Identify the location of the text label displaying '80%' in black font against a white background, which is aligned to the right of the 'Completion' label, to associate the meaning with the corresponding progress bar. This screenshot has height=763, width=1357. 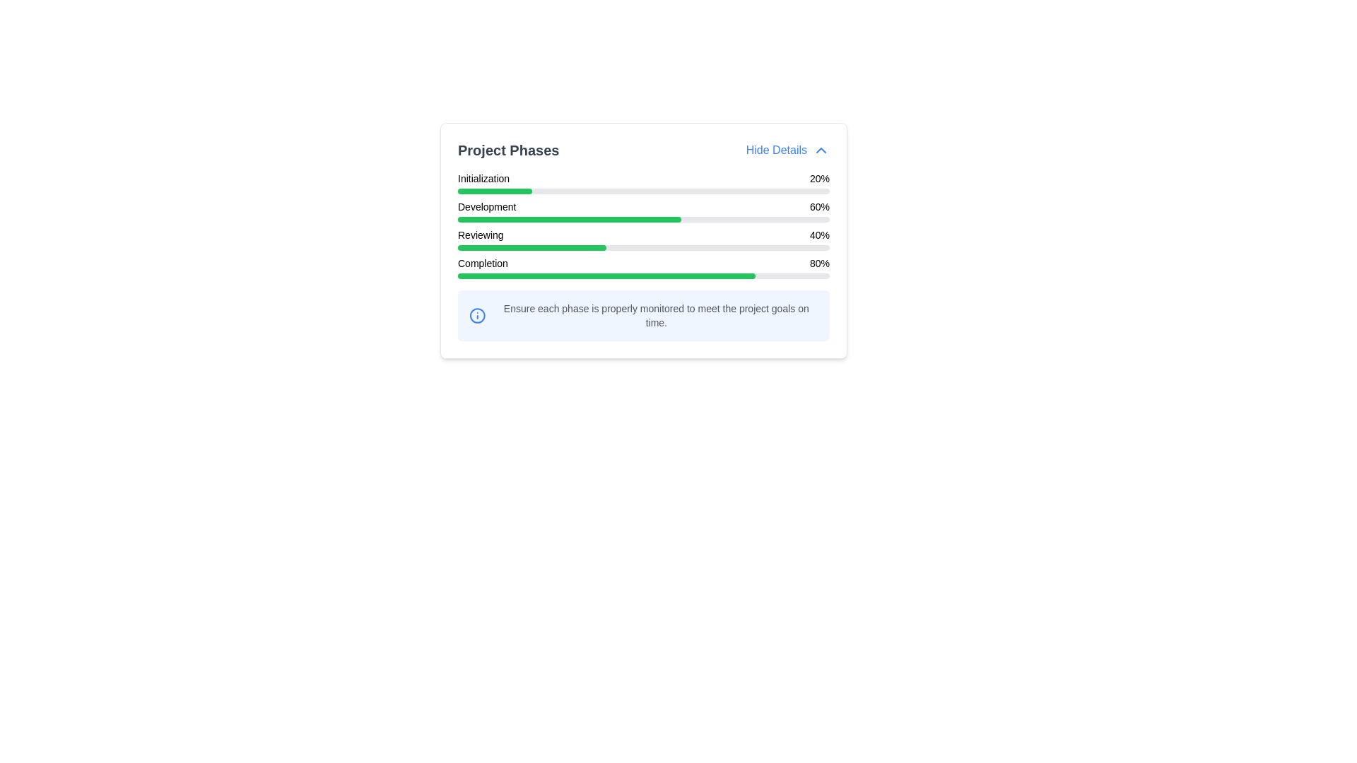
(820, 264).